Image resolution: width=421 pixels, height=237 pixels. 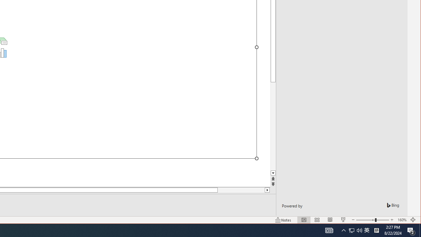 I want to click on 'Reading View', so click(x=330, y=220).